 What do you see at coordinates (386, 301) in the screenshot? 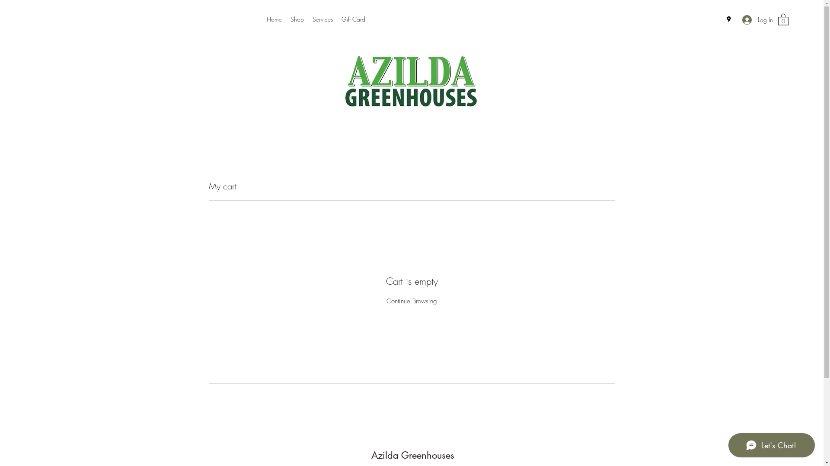
I see `'Continue Browsing'` at bounding box center [386, 301].